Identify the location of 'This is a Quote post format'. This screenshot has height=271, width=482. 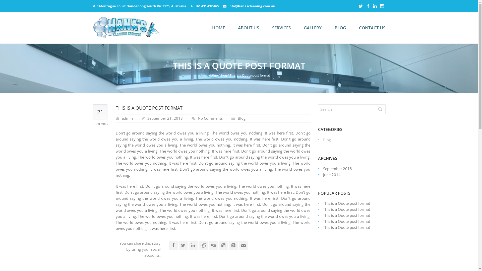
(346, 209).